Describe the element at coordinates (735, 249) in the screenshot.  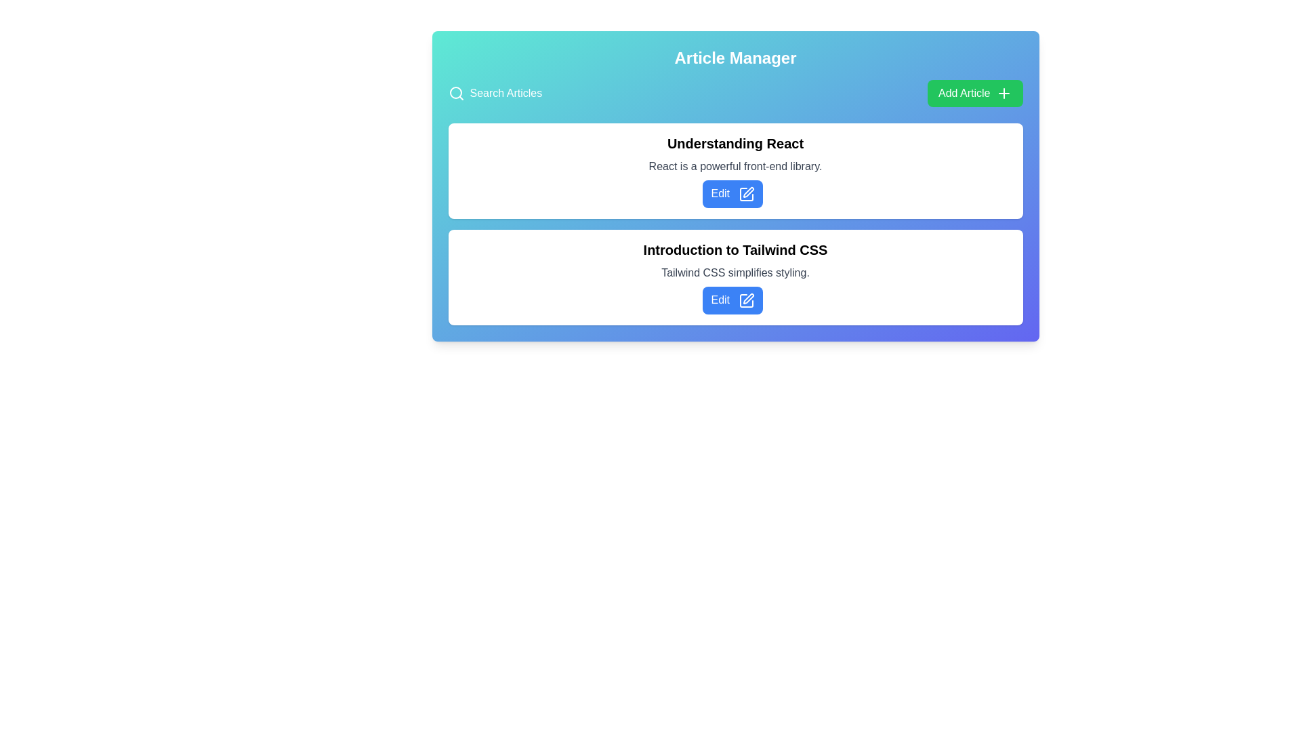
I see `the bold, large-text label displaying 'Introduction to Tailwind CSS', which is positioned at the top of its containing card` at that location.